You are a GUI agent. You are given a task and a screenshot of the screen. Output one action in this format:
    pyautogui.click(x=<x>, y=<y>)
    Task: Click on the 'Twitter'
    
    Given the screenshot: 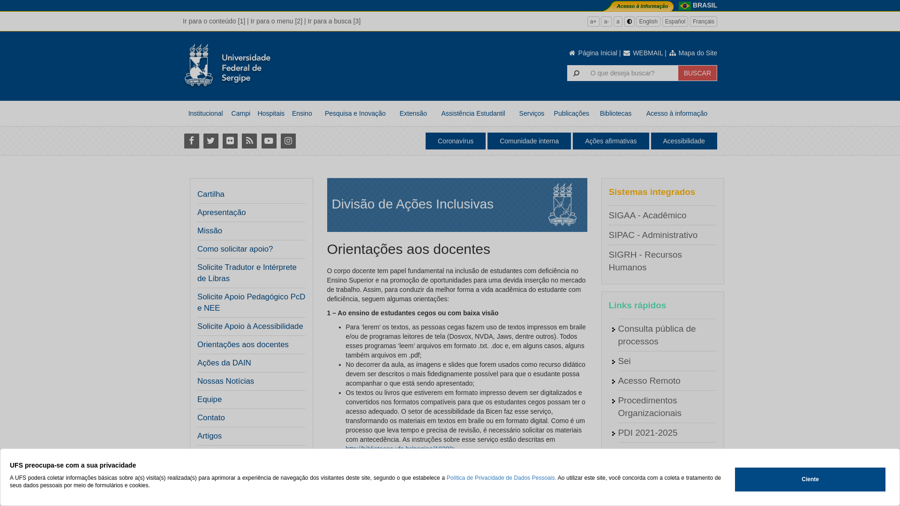 What is the action you would take?
    pyautogui.click(x=210, y=141)
    